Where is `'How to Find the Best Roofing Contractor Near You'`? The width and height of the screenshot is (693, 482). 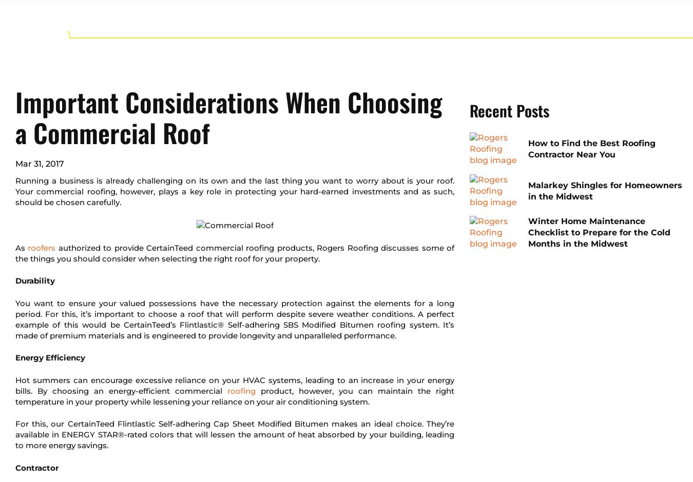
'How to Find the Best Roofing Contractor Near You' is located at coordinates (591, 148).